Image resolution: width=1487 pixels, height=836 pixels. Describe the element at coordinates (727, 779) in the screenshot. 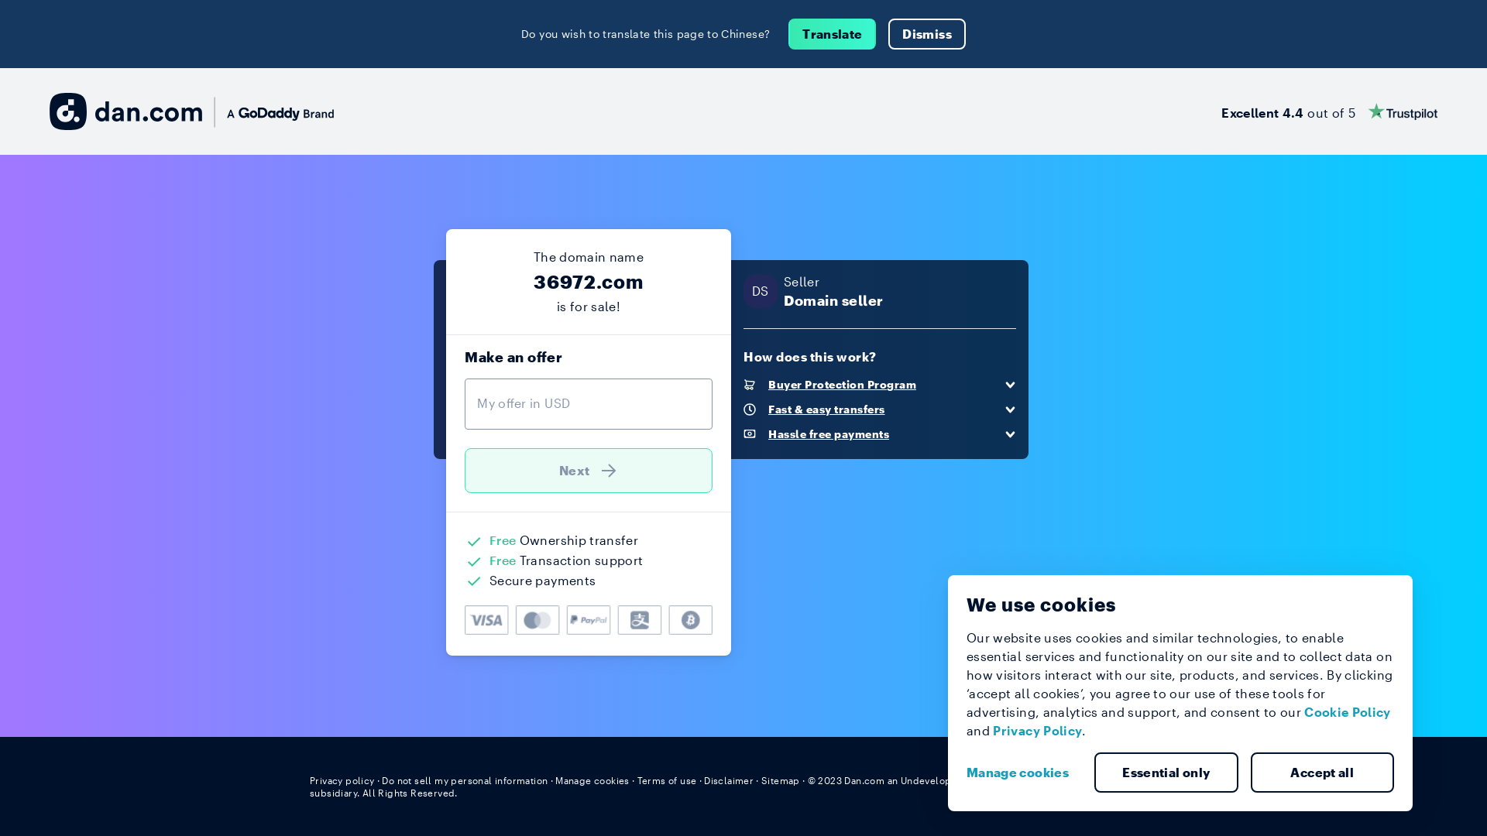

I see `'Disclaimer'` at that location.